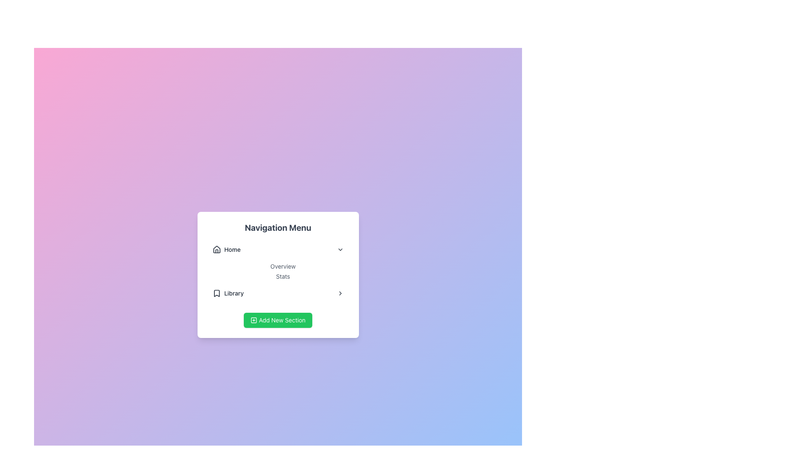 This screenshot has width=807, height=454. I want to click on the chevron-down icon located at the right end of the 'Home' label in the navigation menu, so click(340, 249).